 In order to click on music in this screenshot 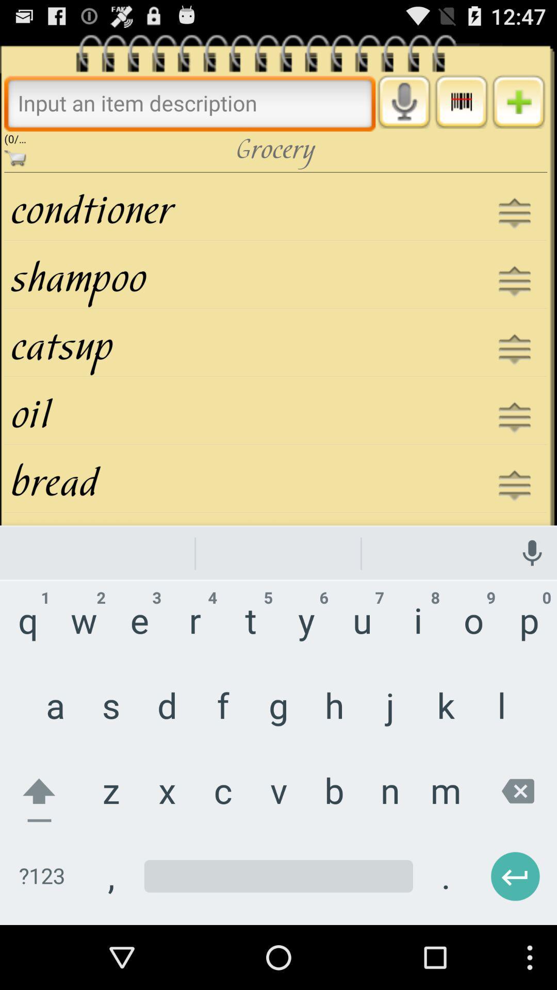, I will do `click(461, 102)`.